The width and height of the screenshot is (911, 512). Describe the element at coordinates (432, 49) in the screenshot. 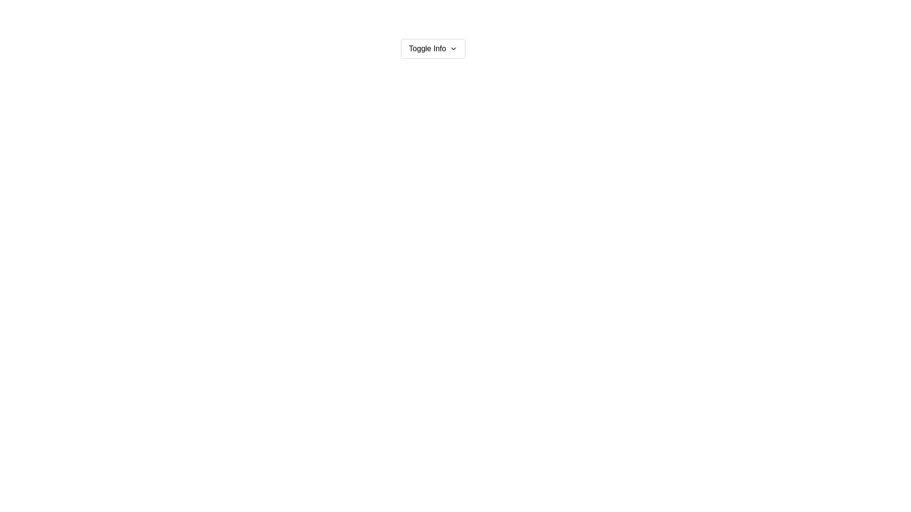

I see `the 'Toggle Info' button with a white background and a downward-pointing arrow icon` at that location.